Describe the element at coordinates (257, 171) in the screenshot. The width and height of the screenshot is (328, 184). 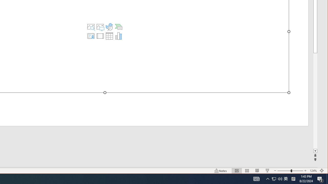
I see `'Reading View'` at that location.